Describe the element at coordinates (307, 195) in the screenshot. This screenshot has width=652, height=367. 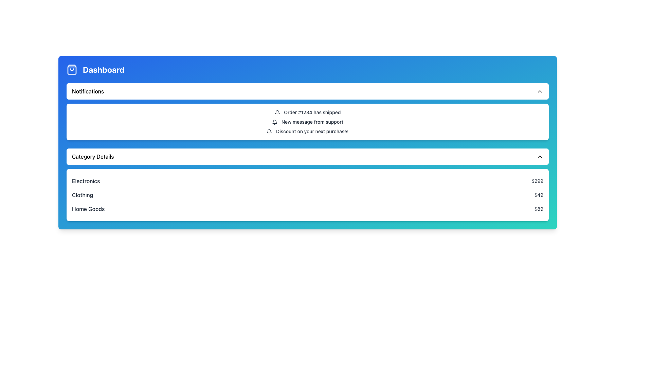
I see `text pair displaying the category 'Clothing' and its associated price '$49' located in the middle row of the 'Category Details' section` at that location.